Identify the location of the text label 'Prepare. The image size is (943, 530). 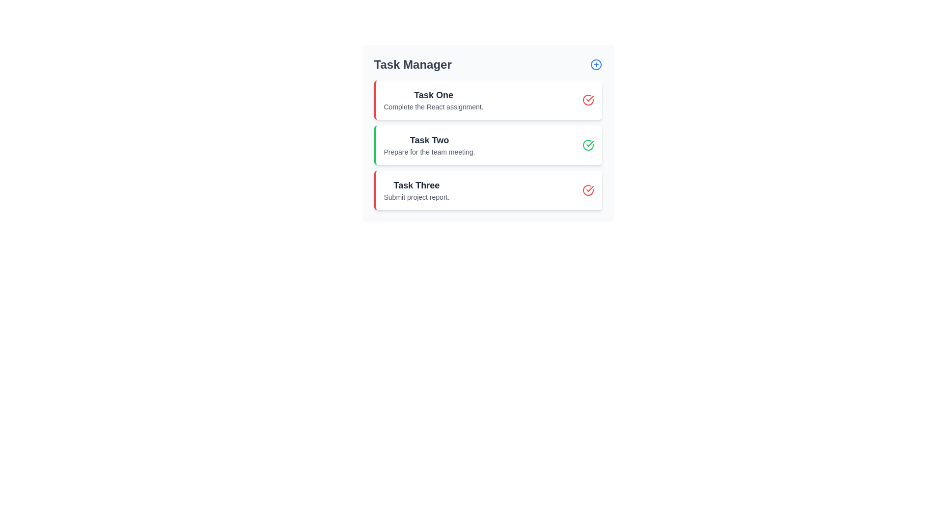
(429, 152).